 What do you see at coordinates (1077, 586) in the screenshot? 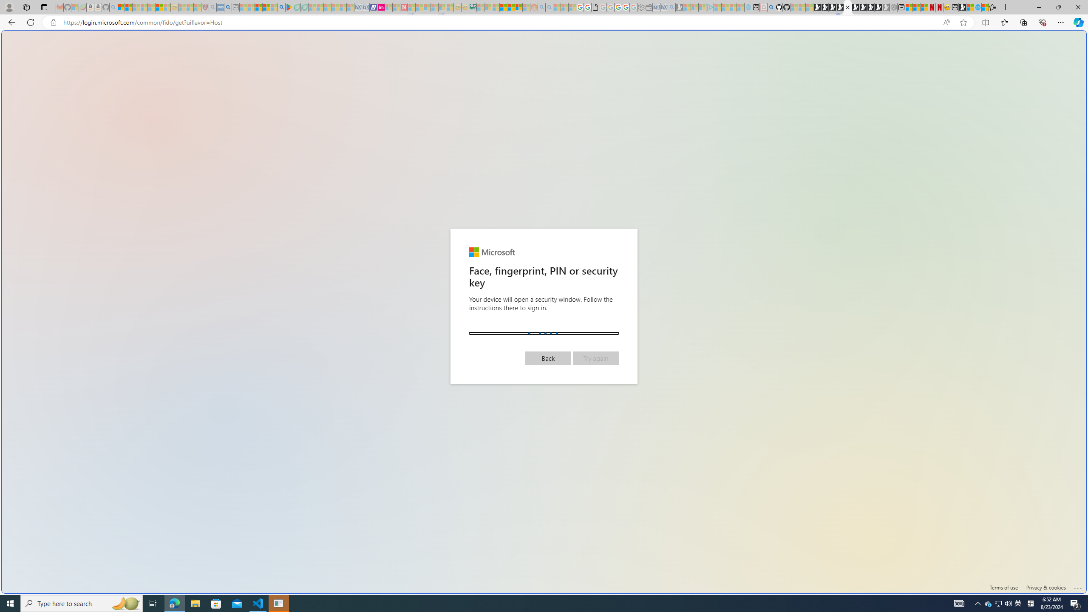
I see `'Click here for troubleshooting information'` at bounding box center [1077, 586].